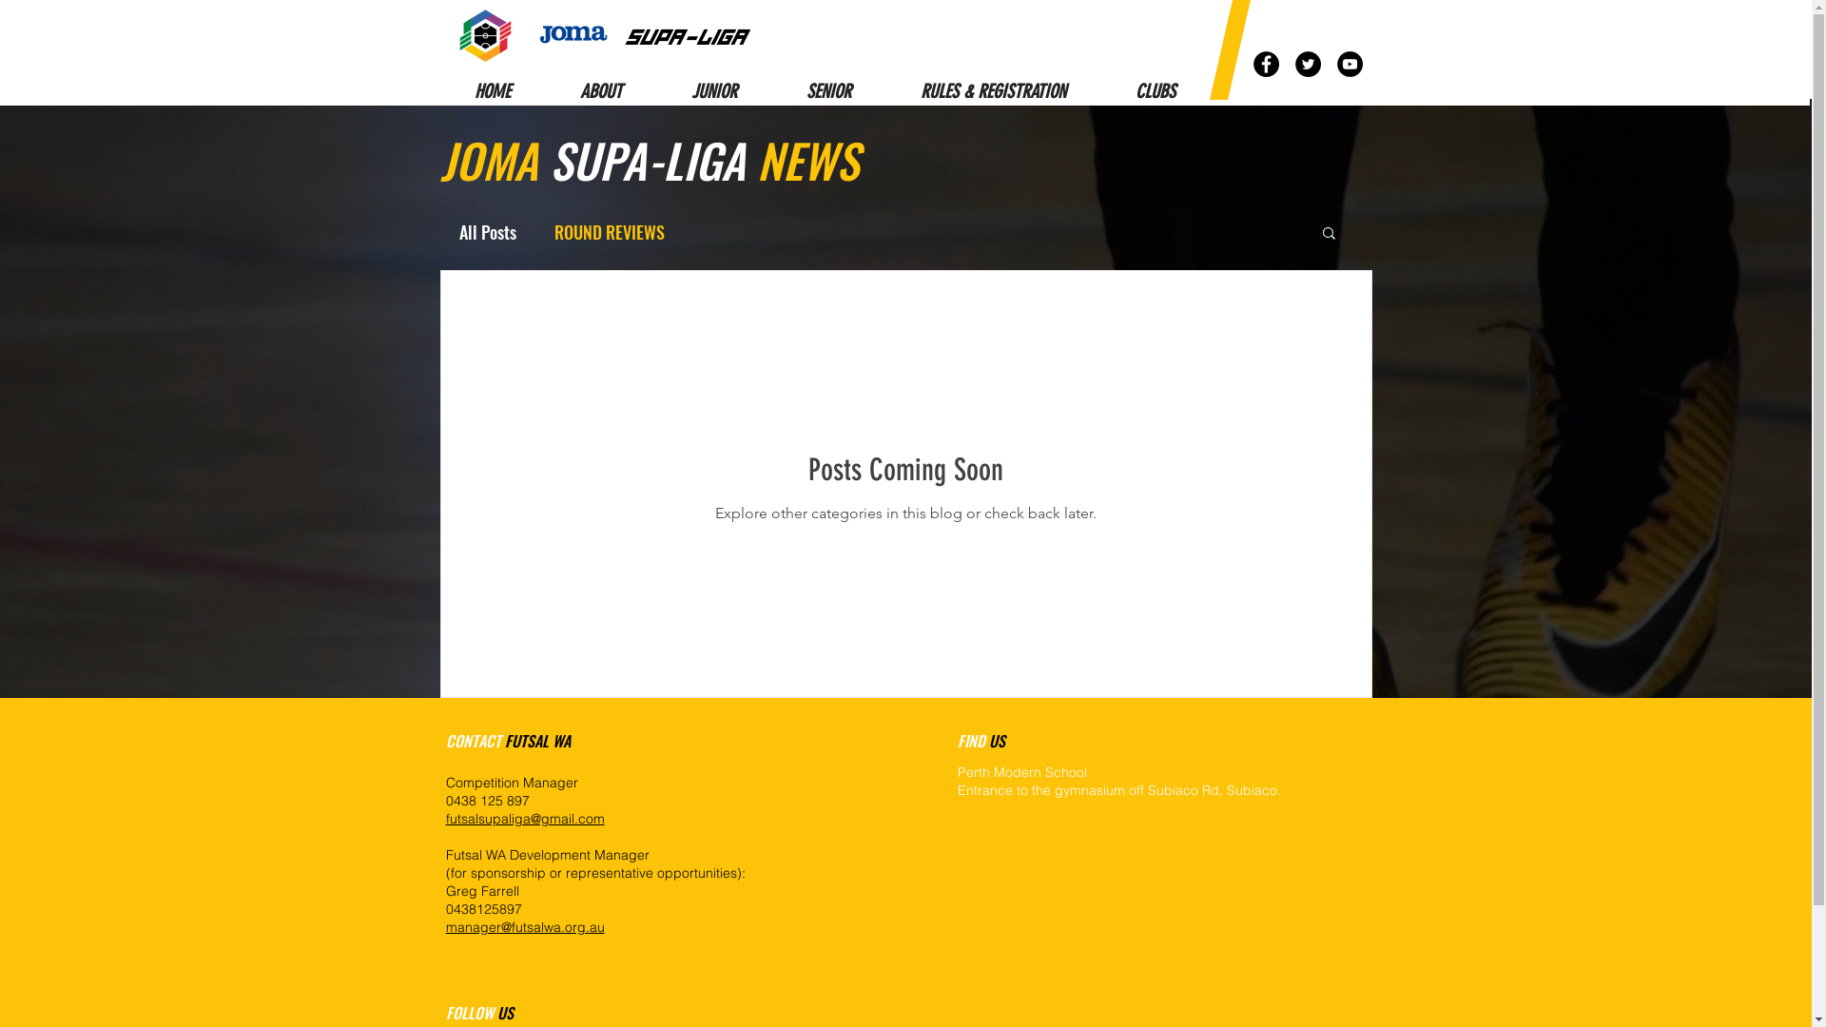  Describe the element at coordinates (492, 91) in the screenshot. I see `'HOME'` at that location.